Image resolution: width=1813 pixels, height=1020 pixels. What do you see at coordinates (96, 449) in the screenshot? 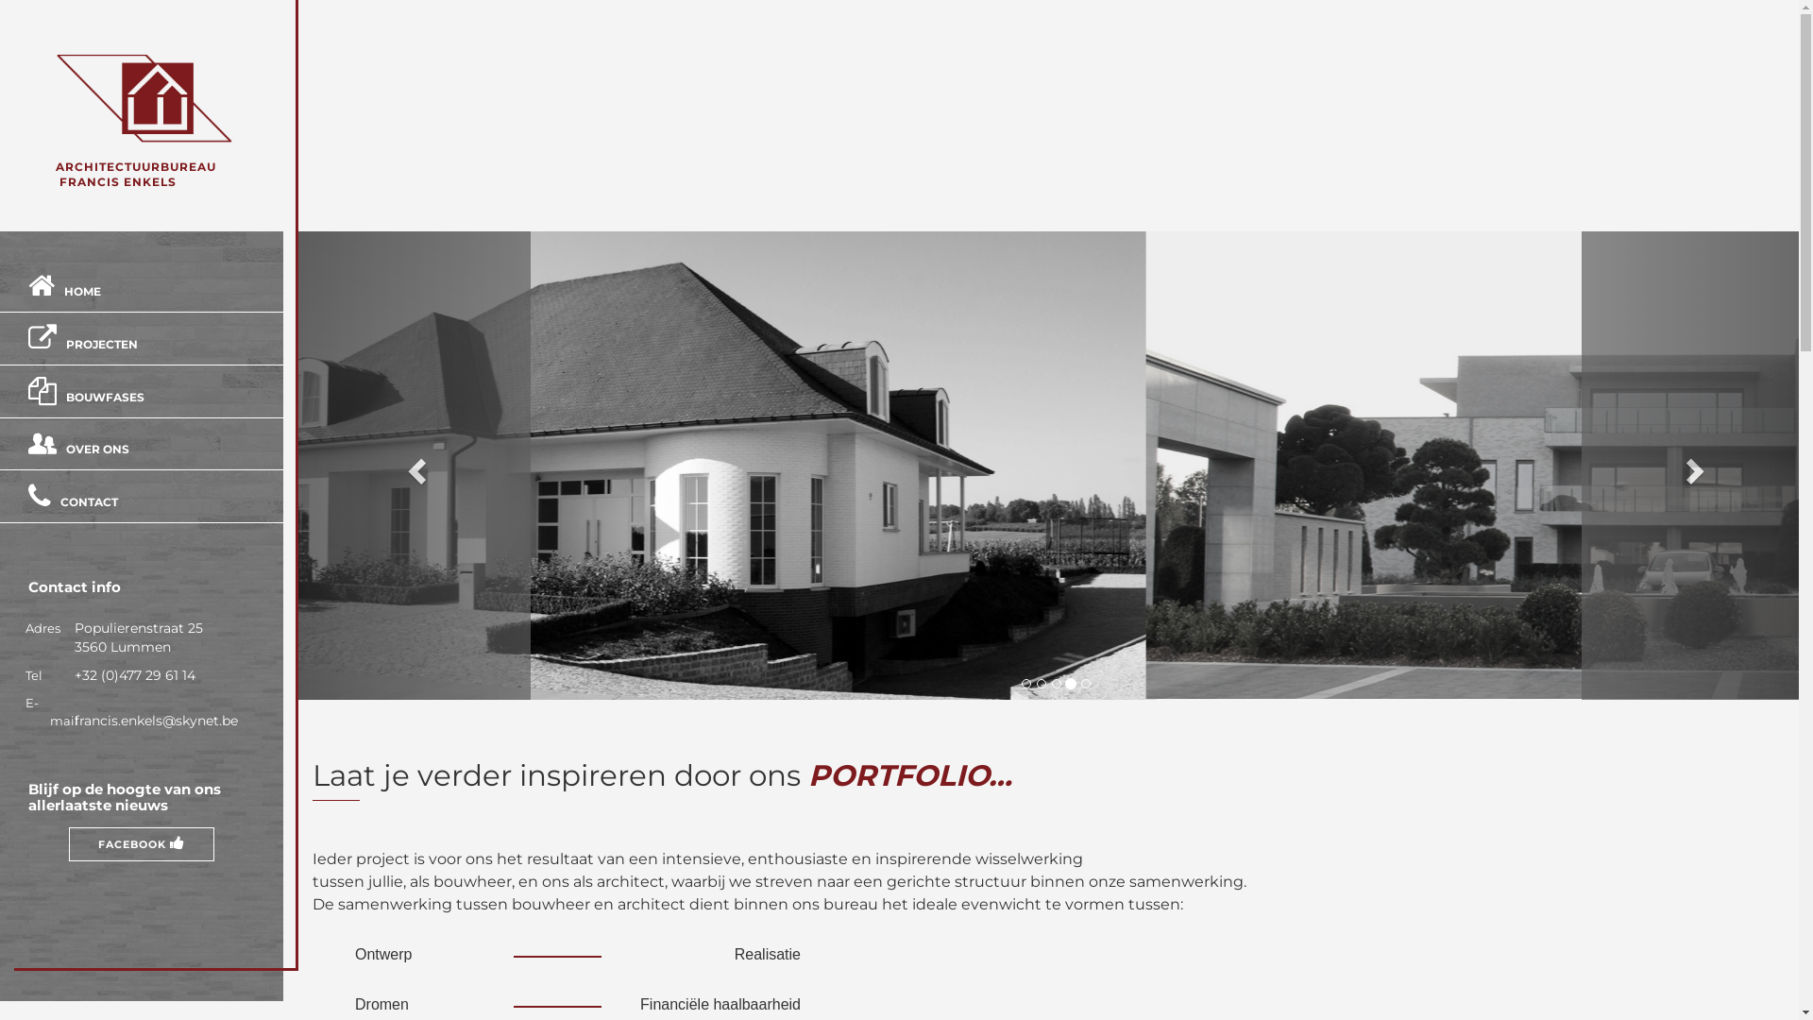
I see `'OVER ONS'` at bounding box center [96, 449].